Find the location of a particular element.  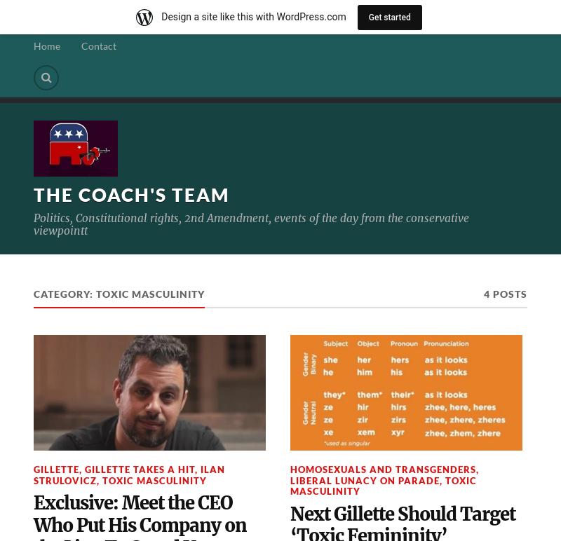

'Gillette' is located at coordinates (56, 470).